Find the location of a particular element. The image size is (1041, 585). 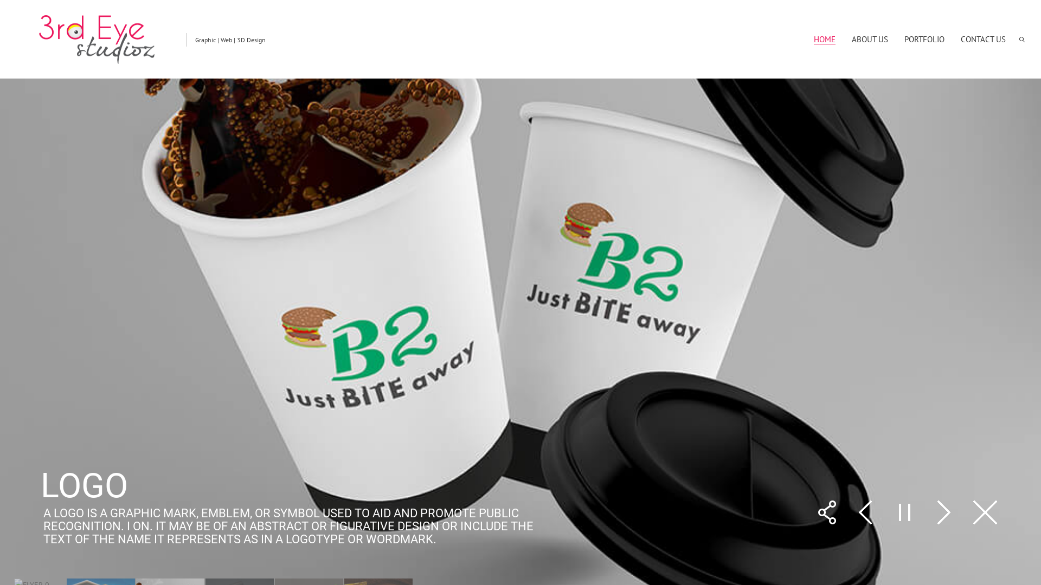

'CONTACT US' is located at coordinates (983, 38).